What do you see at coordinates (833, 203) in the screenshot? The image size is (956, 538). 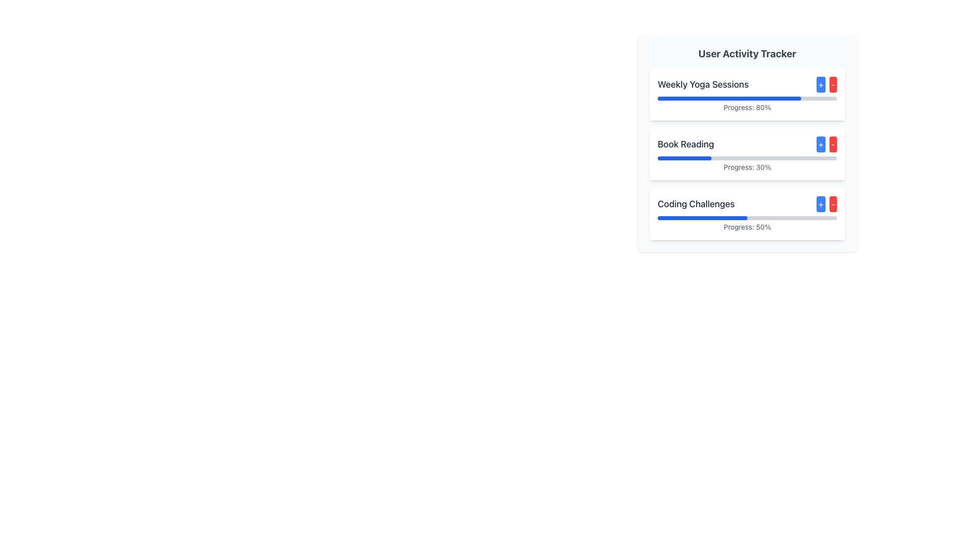 I see `the decrement button located to the right of the increment button in the 'Coding Challenges' card under 'User Activity Tracker'` at bounding box center [833, 203].